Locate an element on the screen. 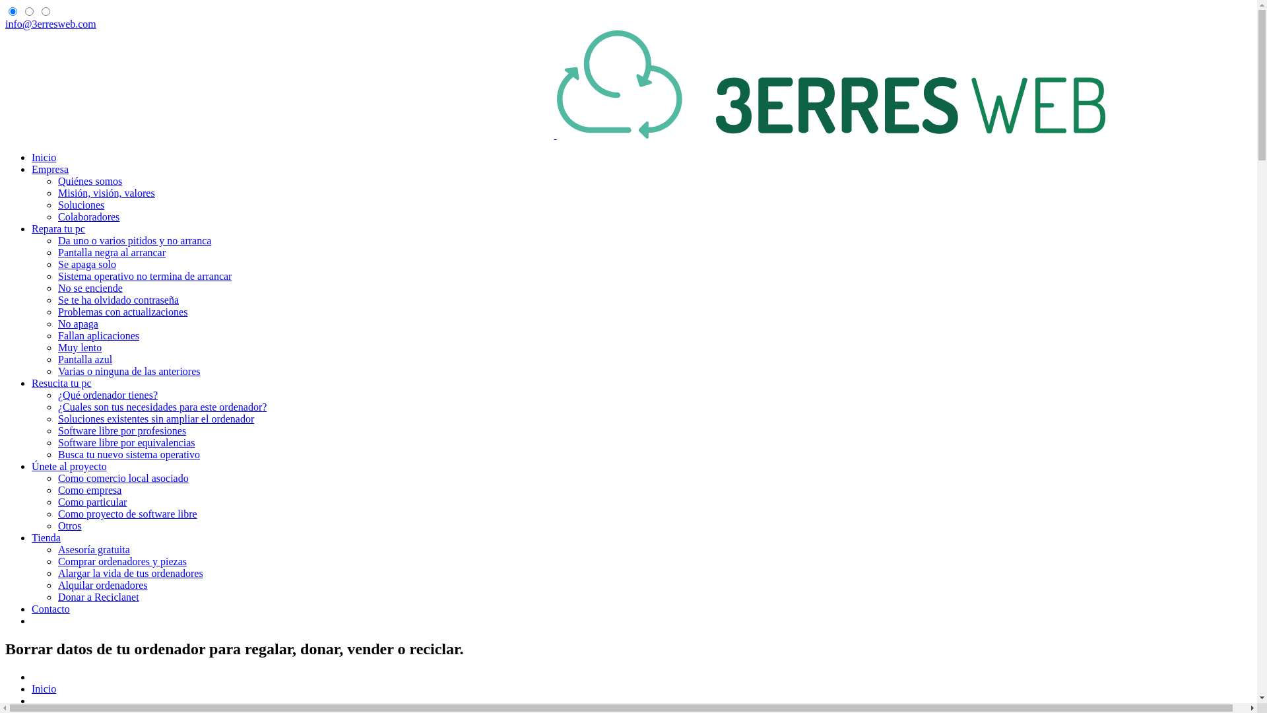 This screenshot has width=1267, height=713. 'No se enciende' is located at coordinates (90, 287).